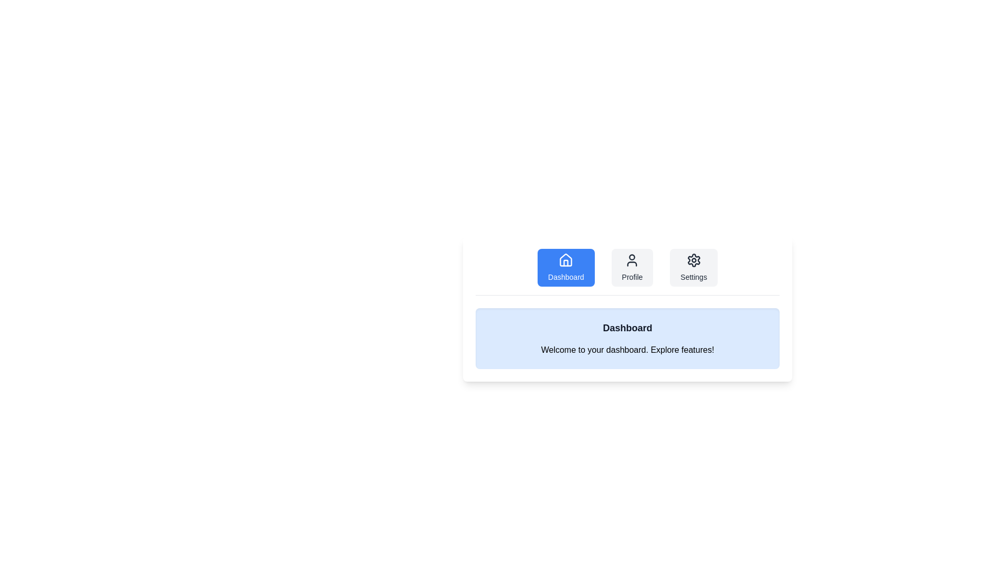 This screenshot has width=1008, height=567. Describe the element at coordinates (694, 267) in the screenshot. I see `the Settings tab` at that location.